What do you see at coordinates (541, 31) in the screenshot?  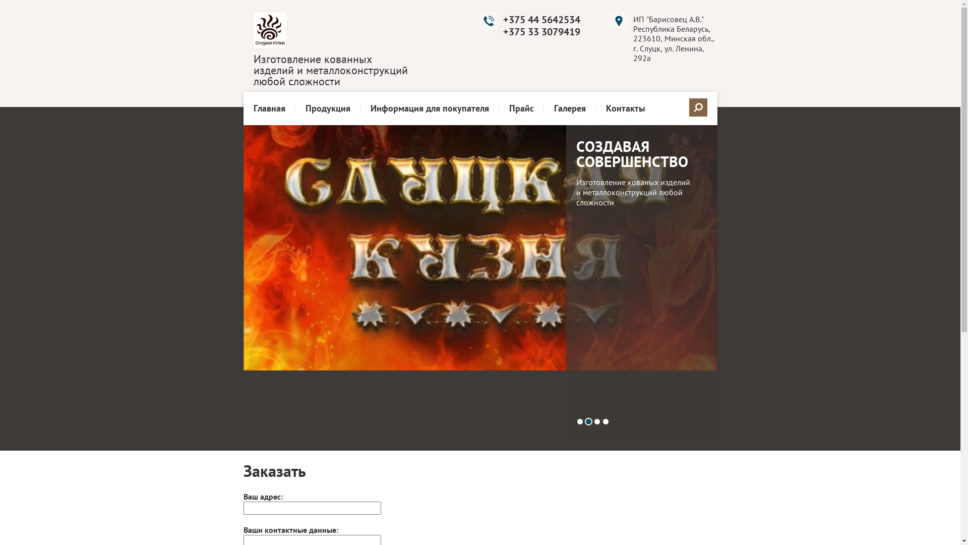 I see `'+375 33 3079419'` at bounding box center [541, 31].